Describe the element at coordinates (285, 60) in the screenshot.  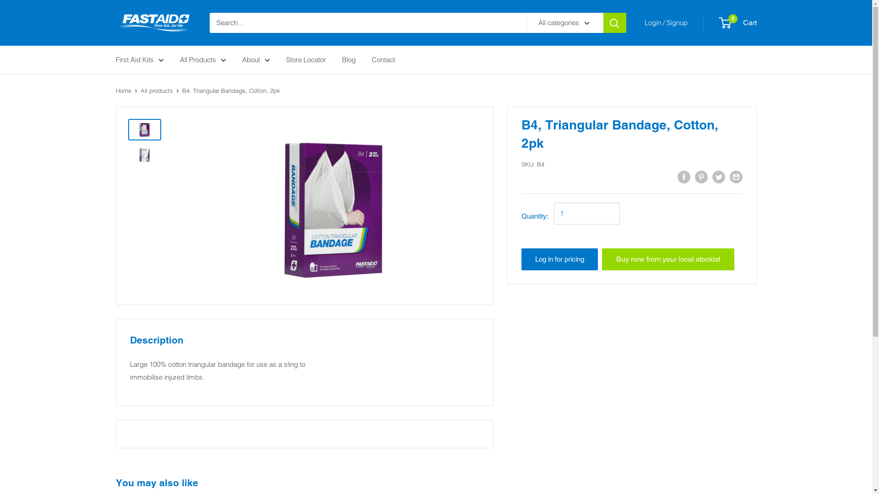
I see `'Store Locator'` at that location.